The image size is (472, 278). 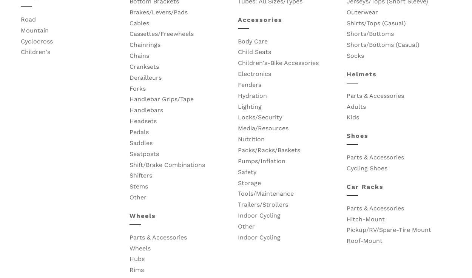 I want to click on 'Socks', so click(x=355, y=56).